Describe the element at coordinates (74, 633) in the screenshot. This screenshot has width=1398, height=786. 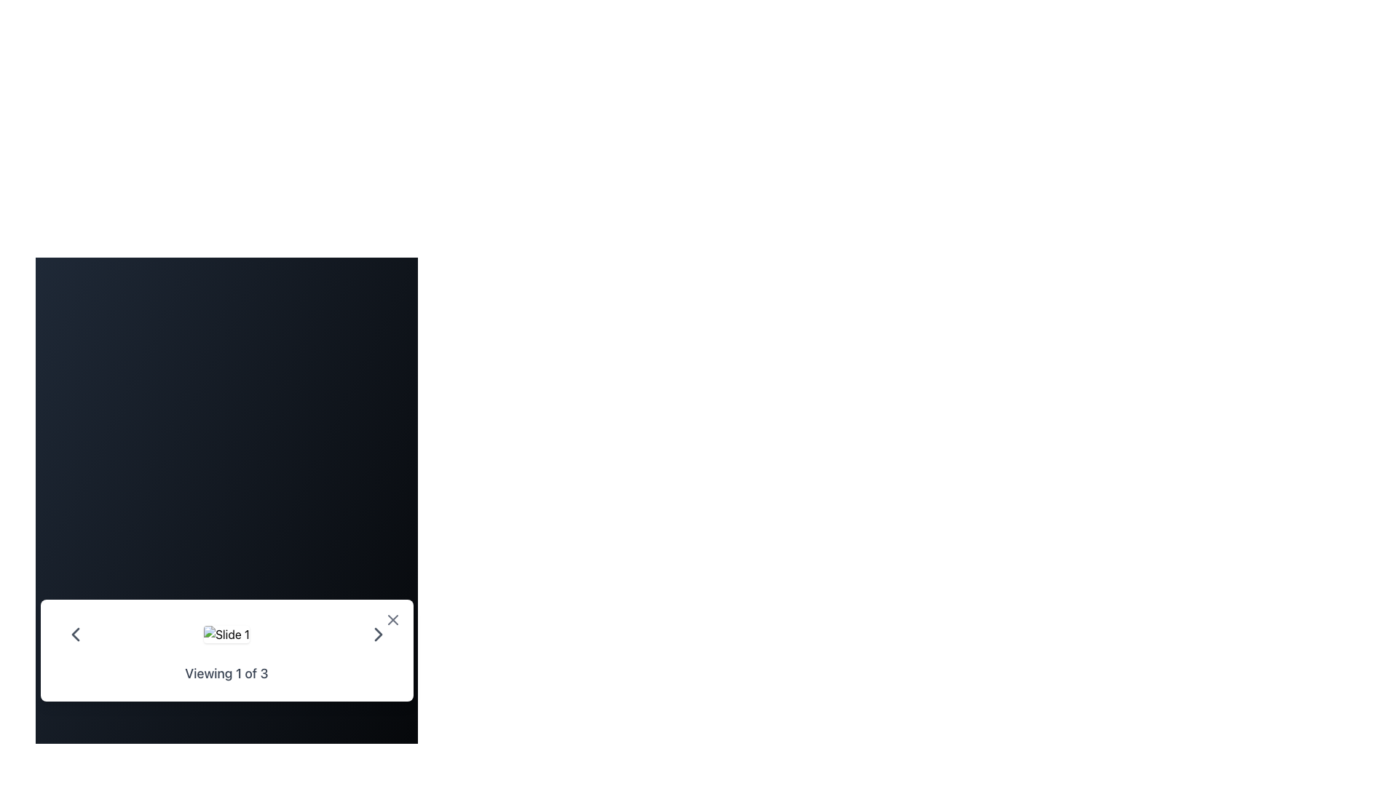
I see `the button located at the left side of the horizontal layout block` at that location.